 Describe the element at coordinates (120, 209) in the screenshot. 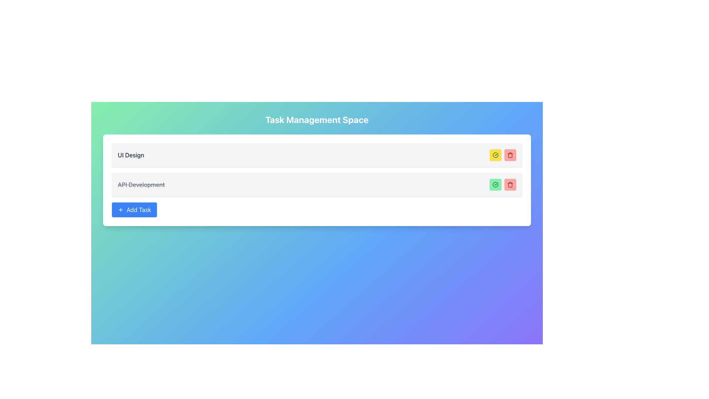

I see `the small plus icon located to the left of the 'Add Task' label in the button` at that location.